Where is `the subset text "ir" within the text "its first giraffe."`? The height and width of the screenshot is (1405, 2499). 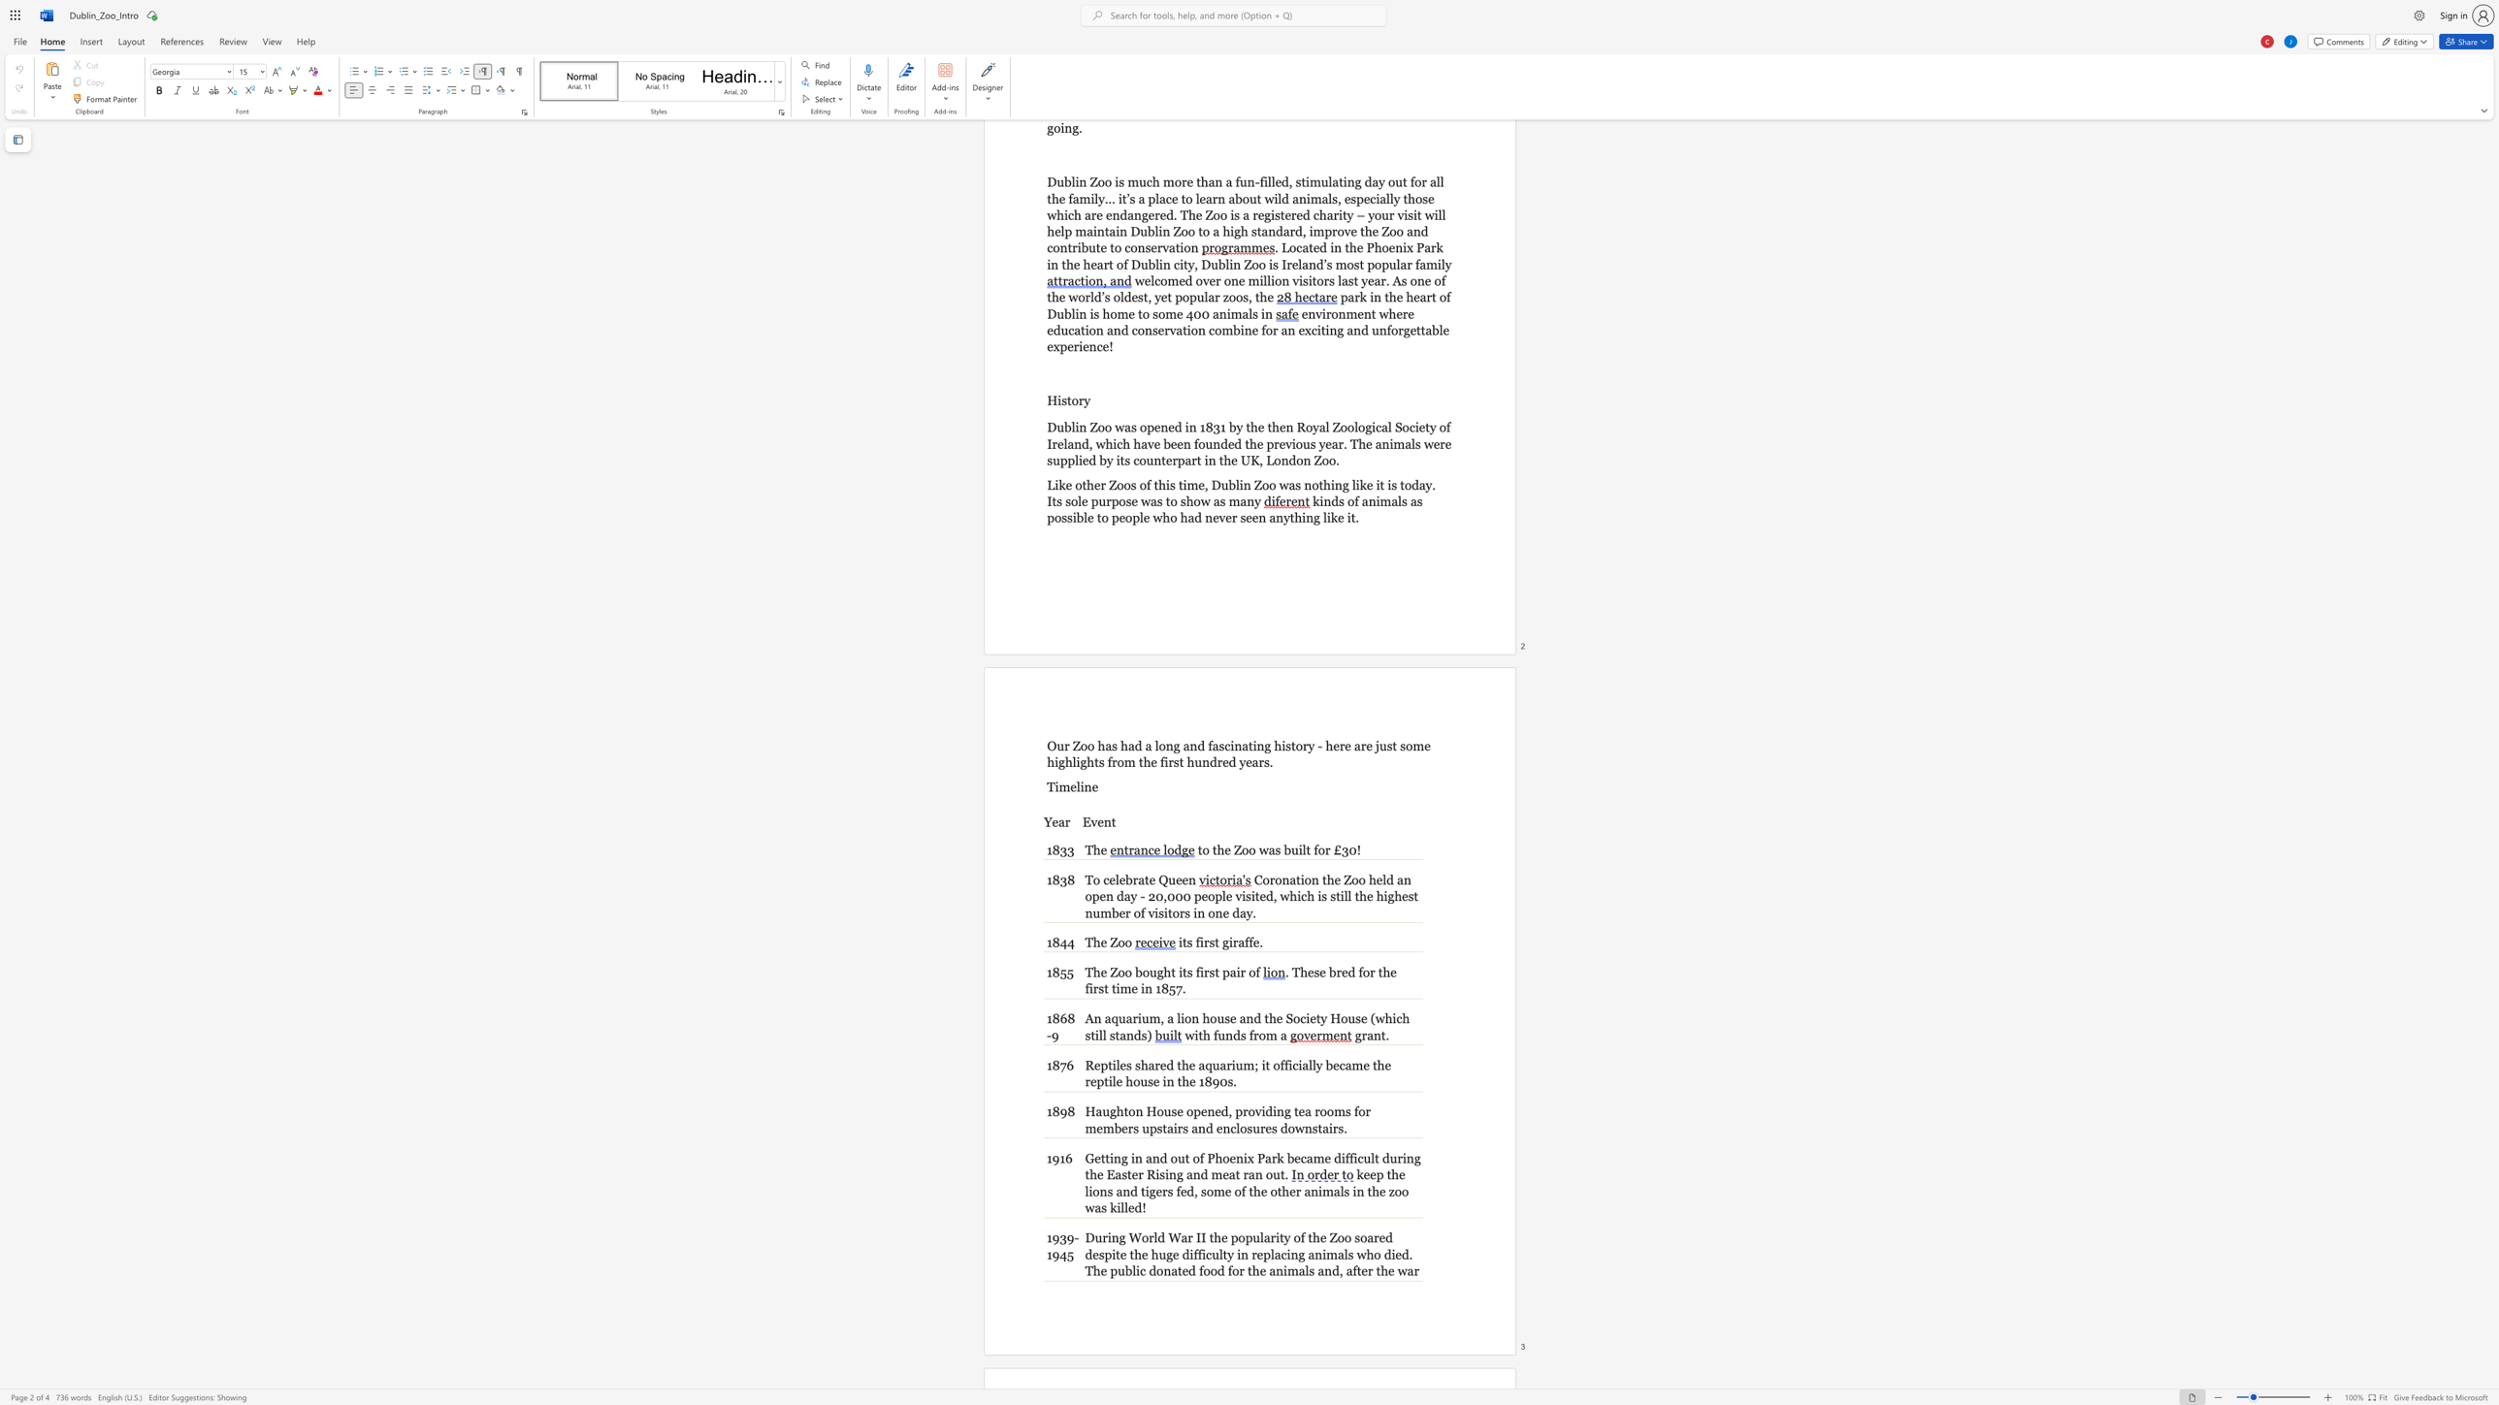
the subset text "ir" within the text "its first giraffe." is located at coordinates (1227, 942).